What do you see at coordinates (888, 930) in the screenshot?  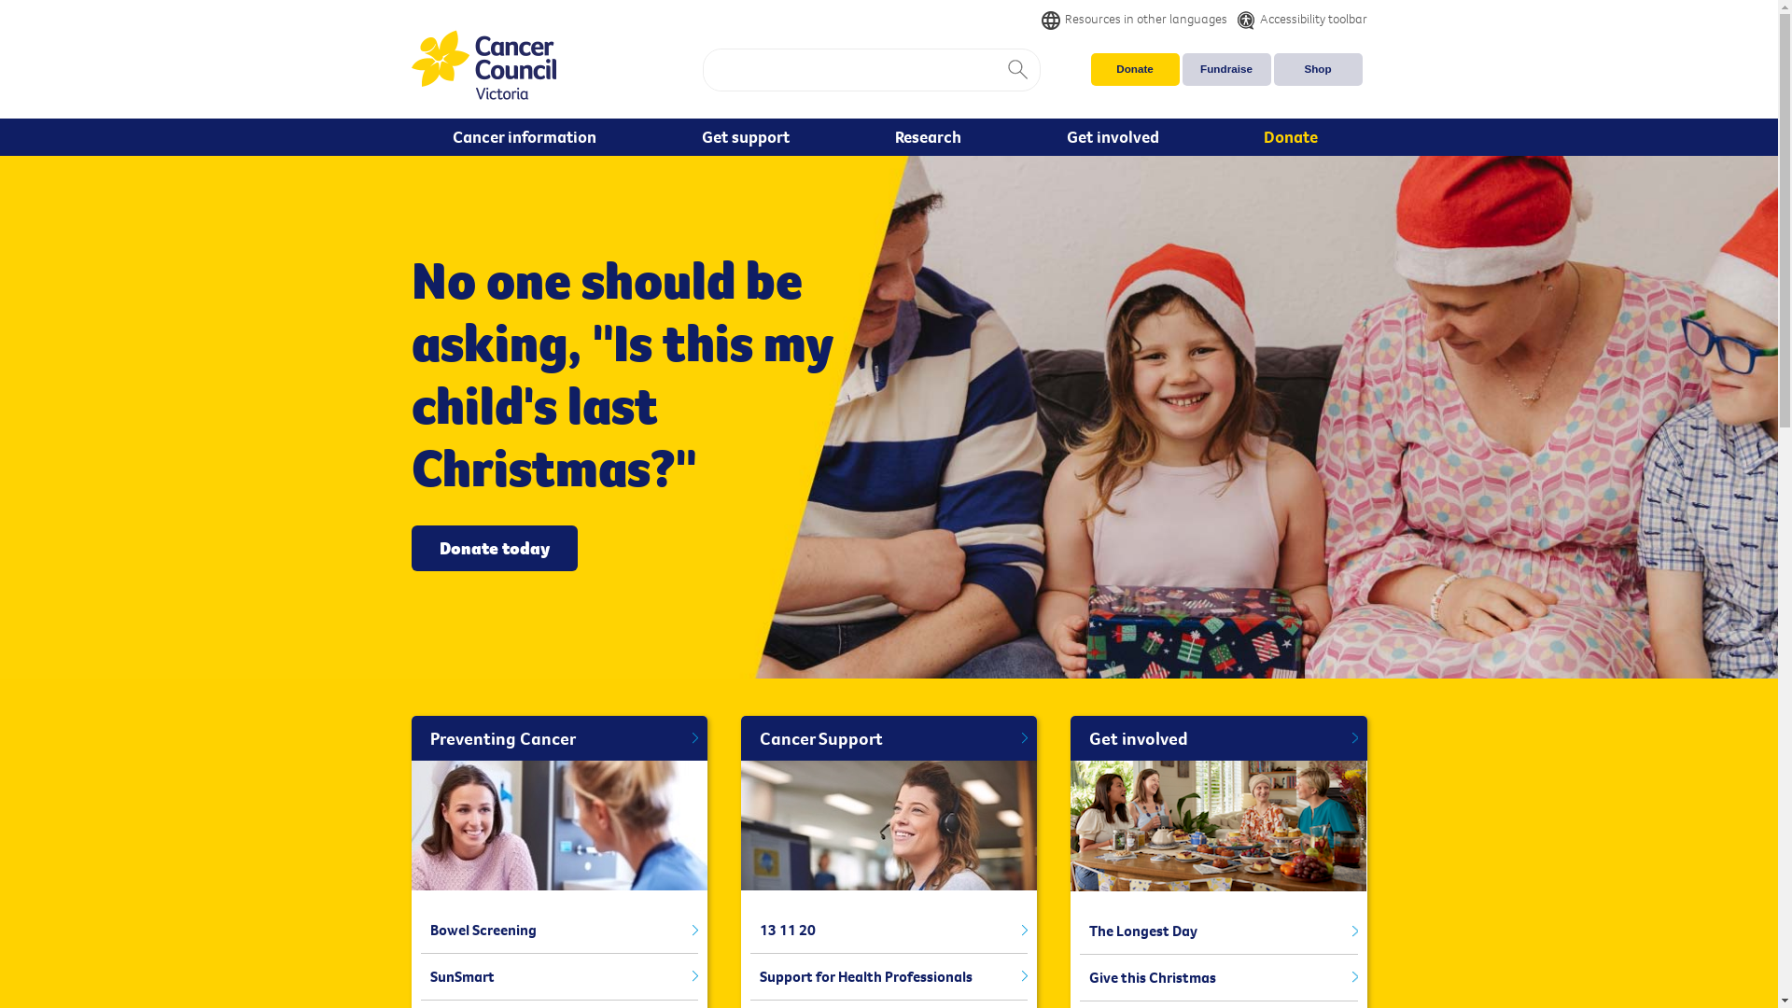 I see `'13 11 20'` at bounding box center [888, 930].